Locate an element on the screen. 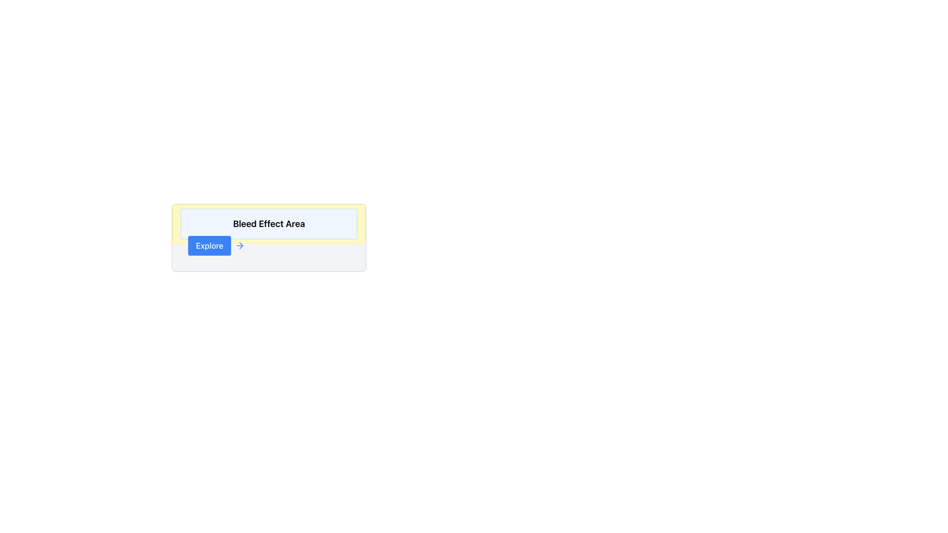 The width and height of the screenshot is (948, 533). the arrow icon located to the right of the 'Explore' button is located at coordinates (240, 245).